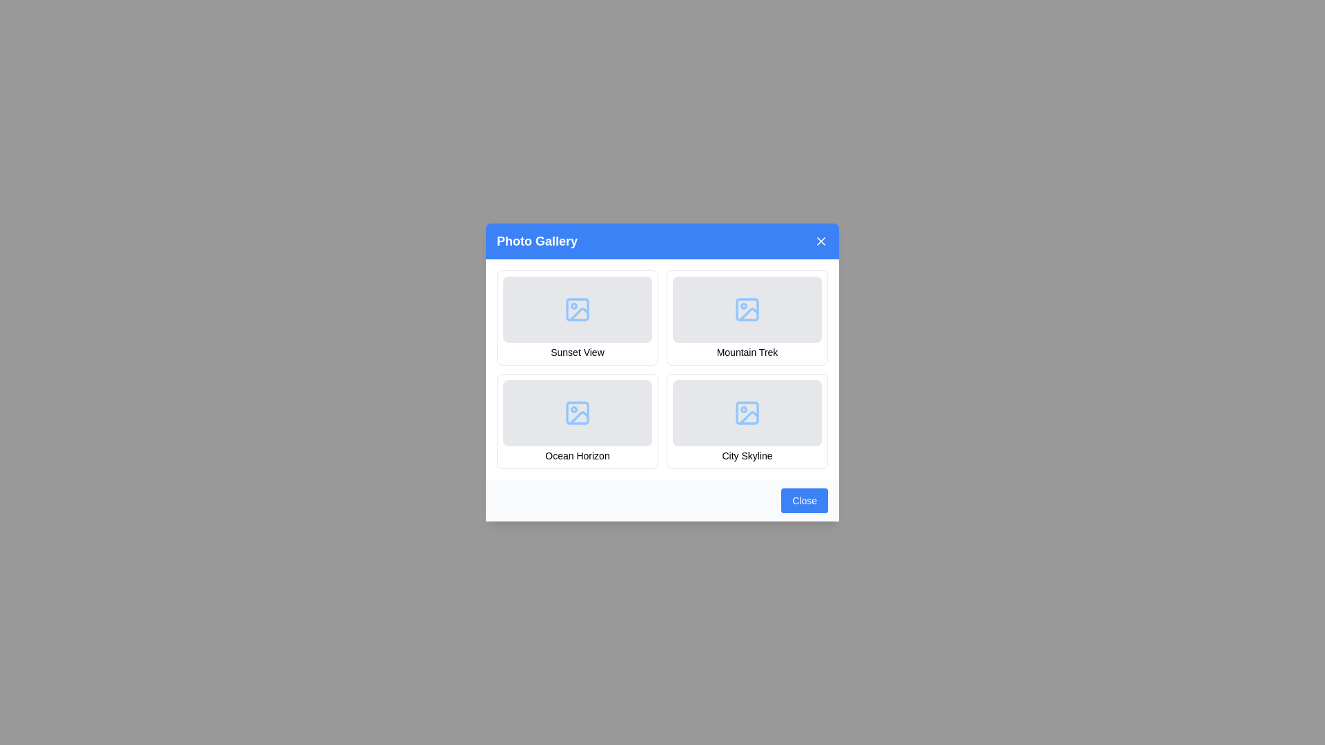  What do you see at coordinates (821, 241) in the screenshot?
I see `the close button located at the top-right corner of the 'Photo Gallery' header to potentially display a tooltip` at bounding box center [821, 241].